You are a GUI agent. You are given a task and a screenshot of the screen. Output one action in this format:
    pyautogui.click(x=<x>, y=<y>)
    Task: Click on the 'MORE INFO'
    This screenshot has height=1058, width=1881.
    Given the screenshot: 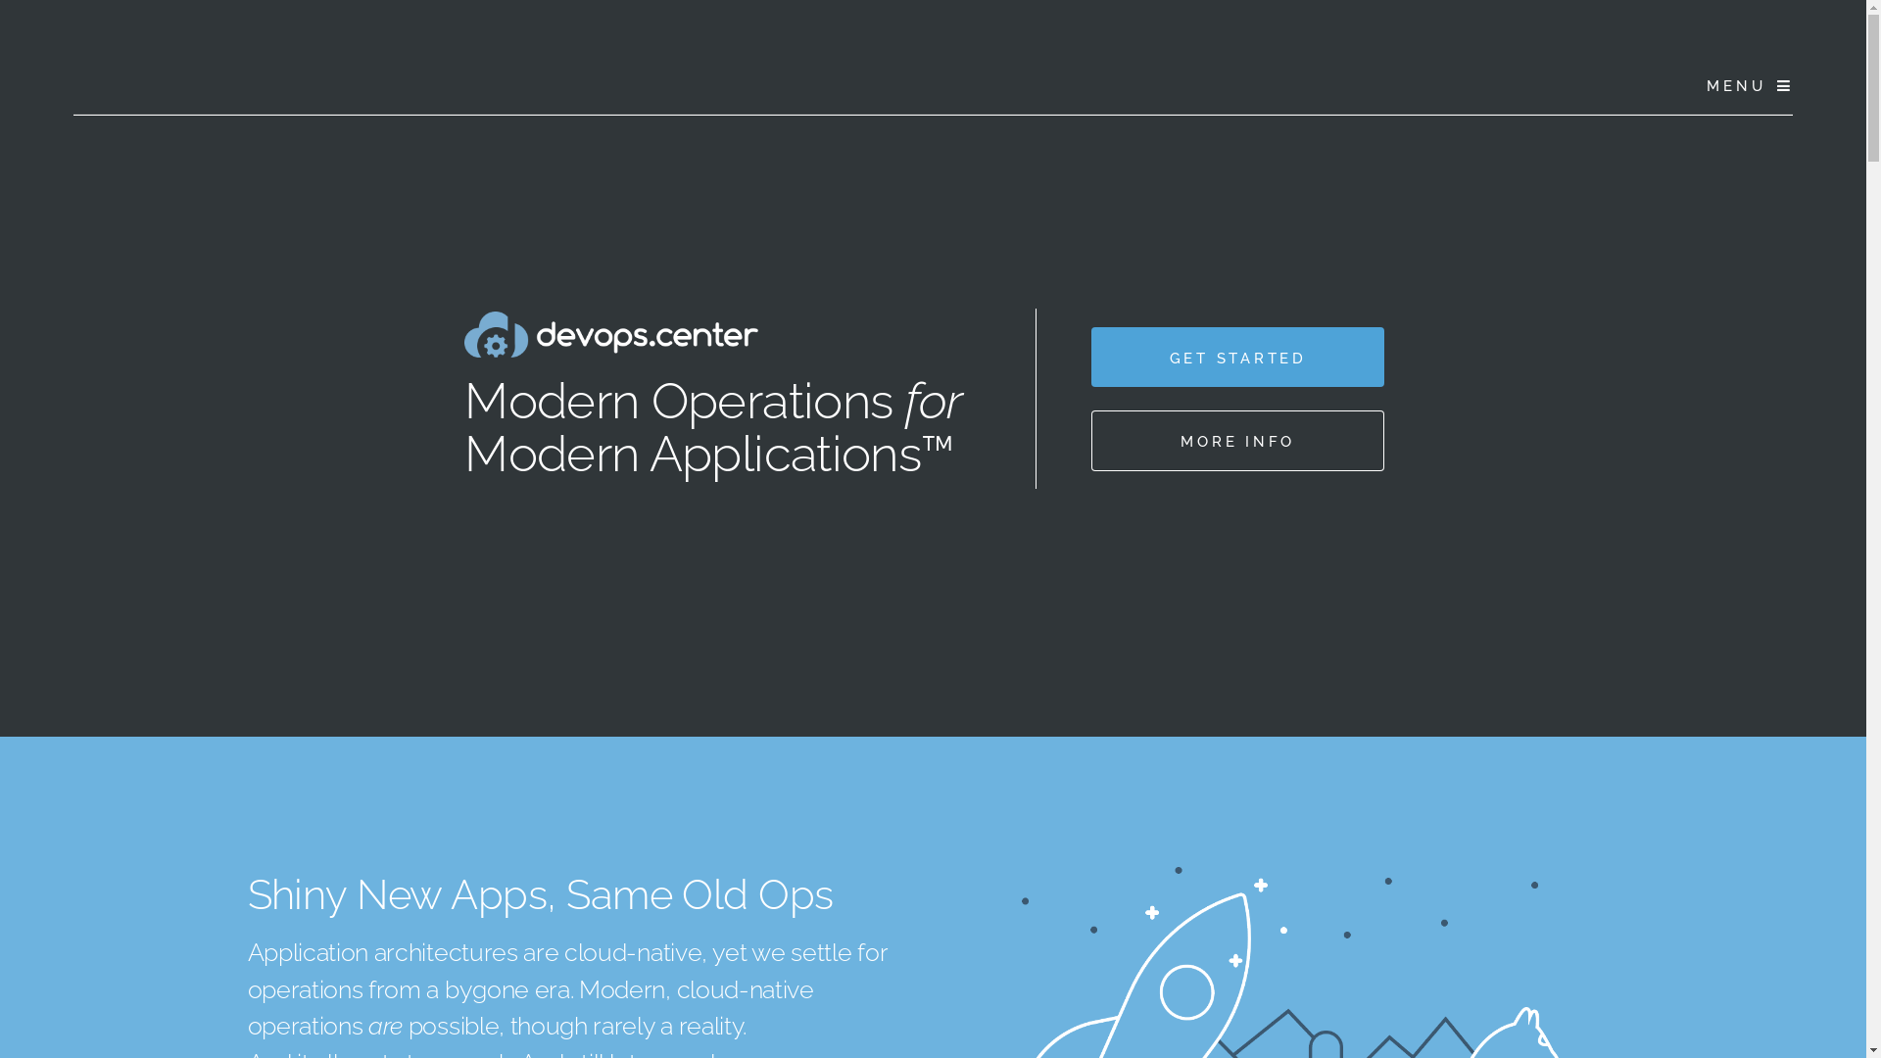 What is the action you would take?
    pyautogui.click(x=1236, y=439)
    